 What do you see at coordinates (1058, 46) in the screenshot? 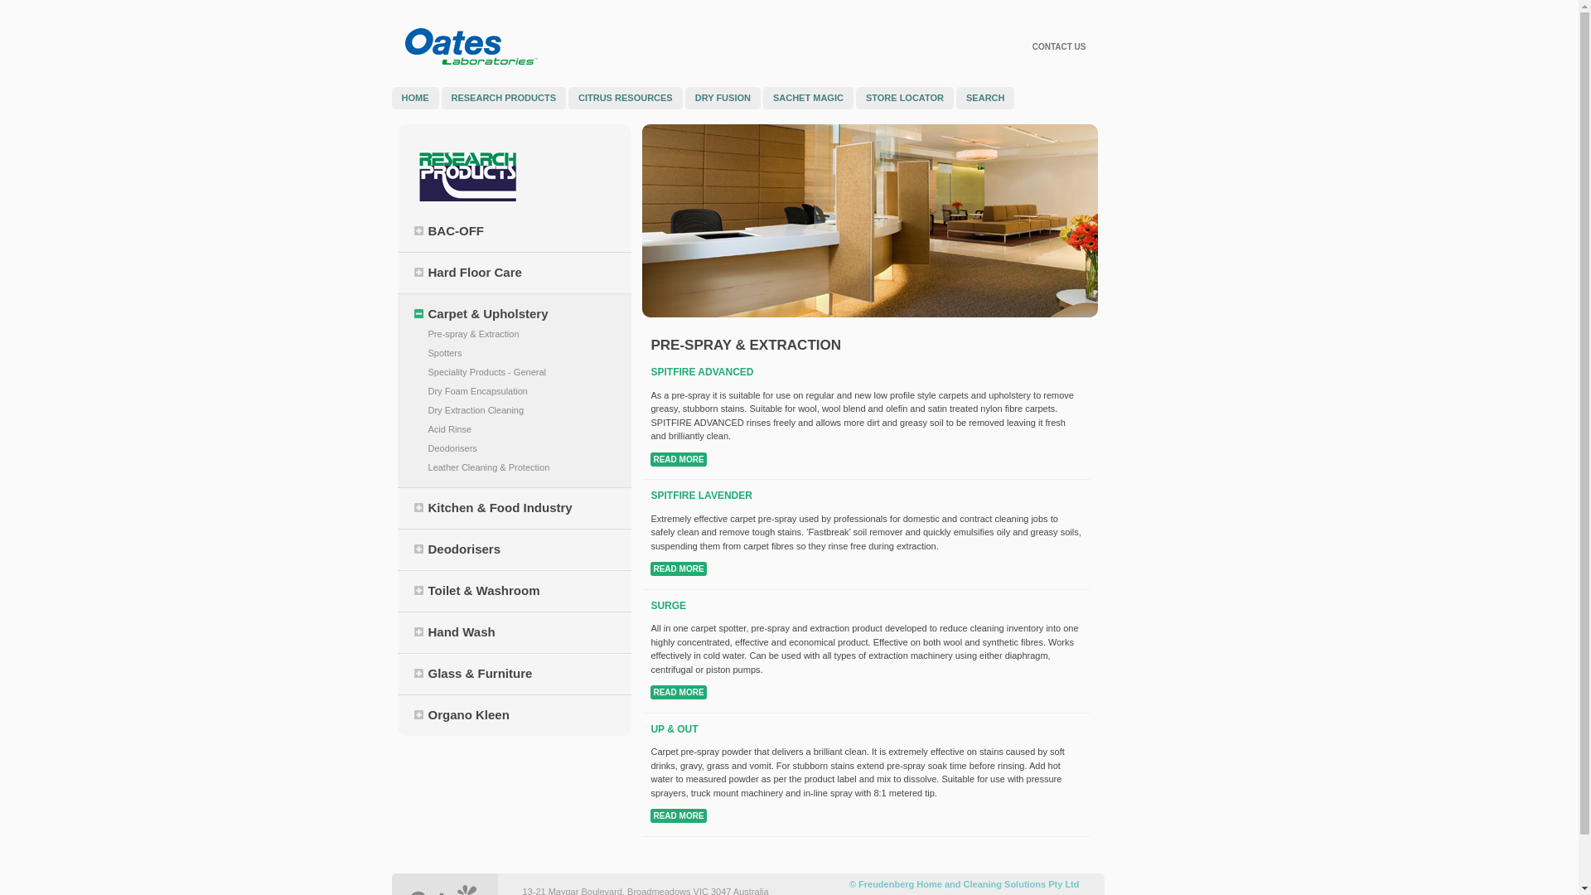
I see `'CONTACT US'` at bounding box center [1058, 46].